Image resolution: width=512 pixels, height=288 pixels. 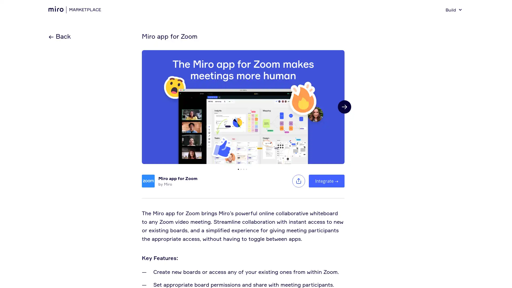 What do you see at coordinates (246, 169) in the screenshot?
I see `Go to slide 4` at bounding box center [246, 169].